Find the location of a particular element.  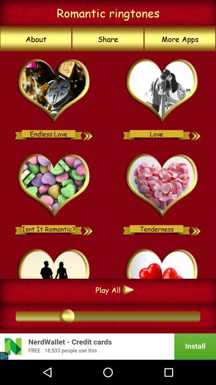

endless love is located at coordinates (54, 91).